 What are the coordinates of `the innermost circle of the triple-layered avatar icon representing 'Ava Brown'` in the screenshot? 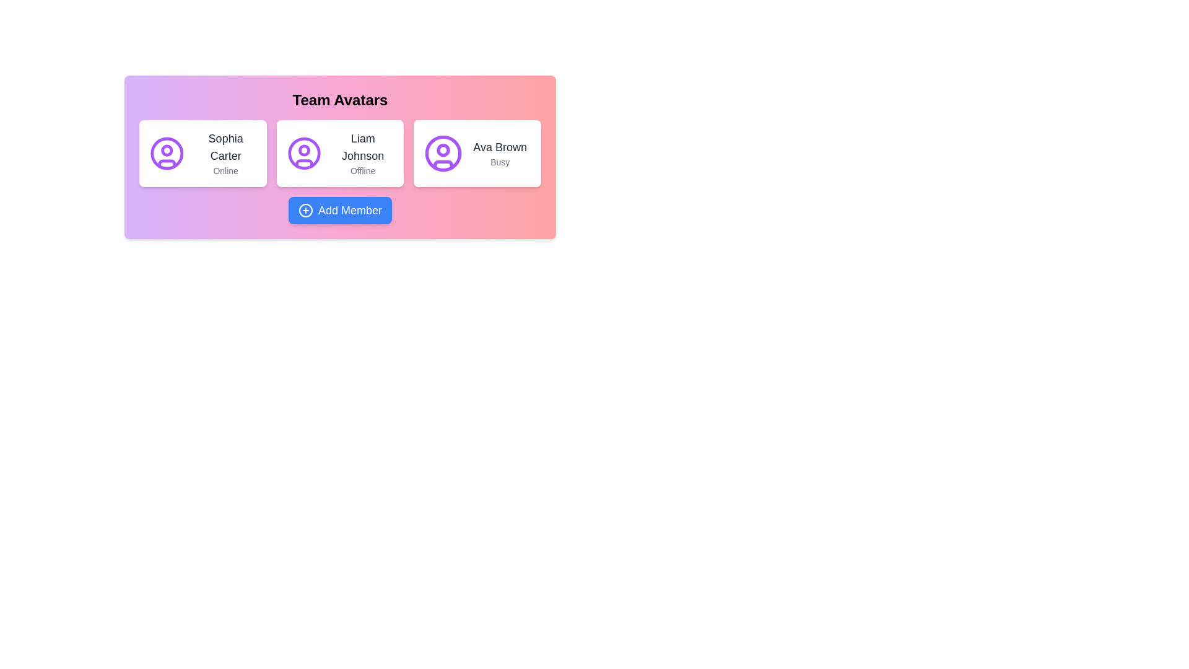 It's located at (443, 152).